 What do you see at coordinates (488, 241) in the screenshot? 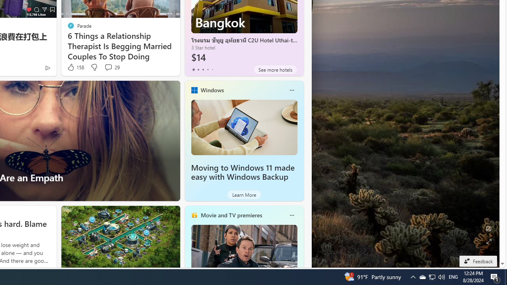
I see `'Expand background'` at bounding box center [488, 241].